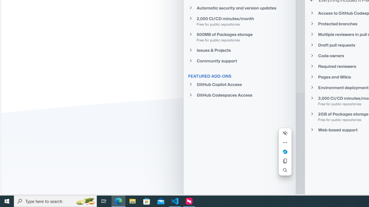  What do you see at coordinates (239, 84) in the screenshot?
I see `'GitHub Copilot Access'` at bounding box center [239, 84].